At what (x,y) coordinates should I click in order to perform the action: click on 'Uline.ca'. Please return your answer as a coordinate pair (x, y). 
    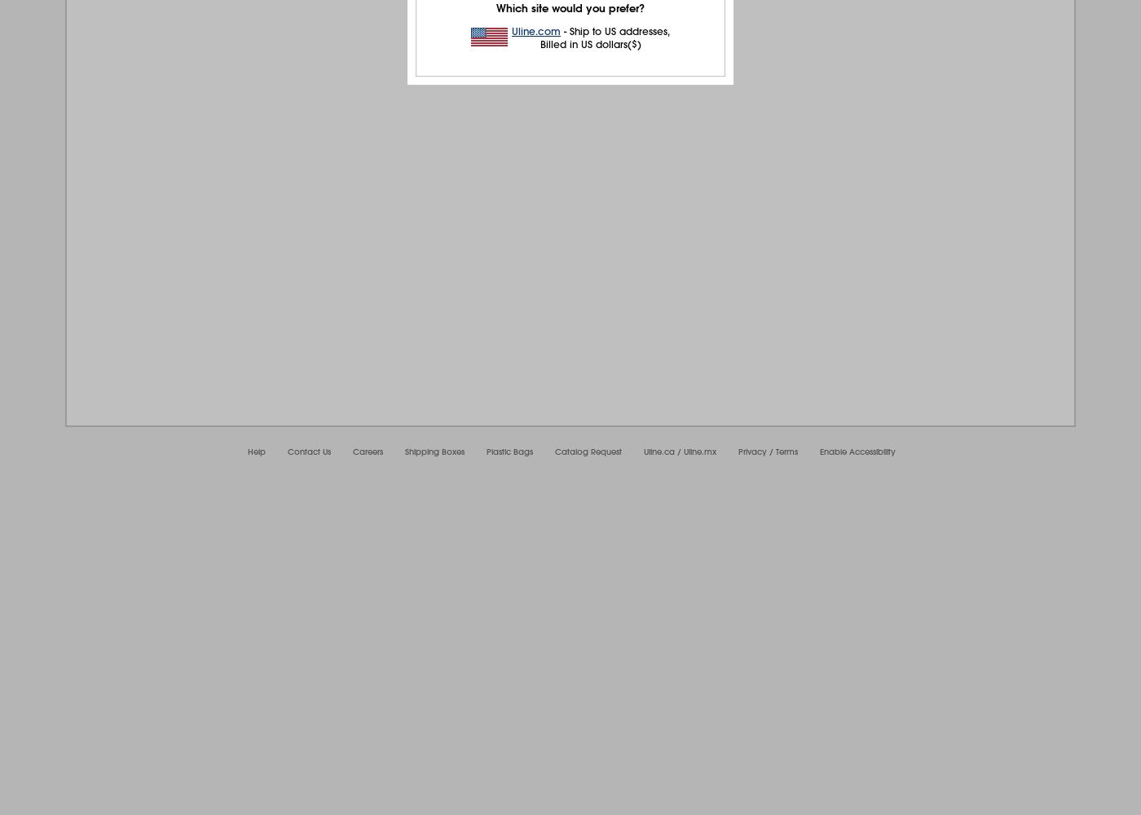
    Looking at the image, I should click on (659, 452).